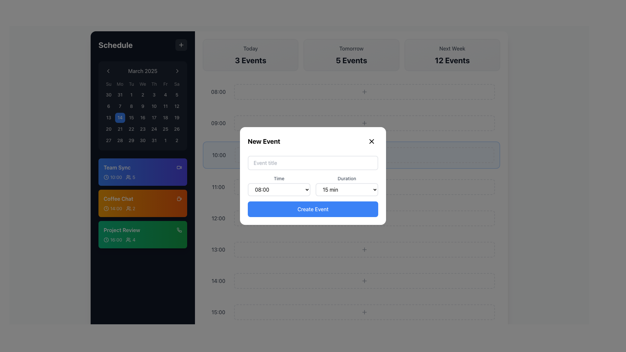 This screenshot has width=626, height=352. What do you see at coordinates (177, 129) in the screenshot?
I see `the calendar day button for the 26th day, located` at bounding box center [177, 129].